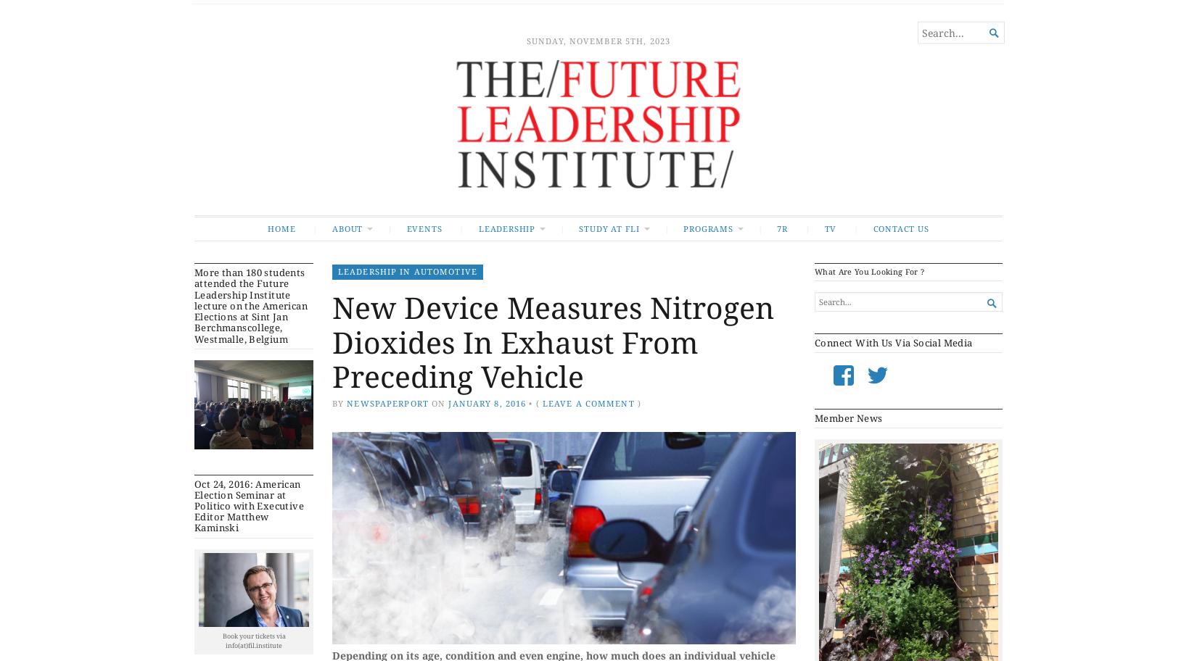  What do you see at coordinates (869, 271) in the screenshot?
I see `'What Are You Looking For ?'` at bounding box center [869, 271].